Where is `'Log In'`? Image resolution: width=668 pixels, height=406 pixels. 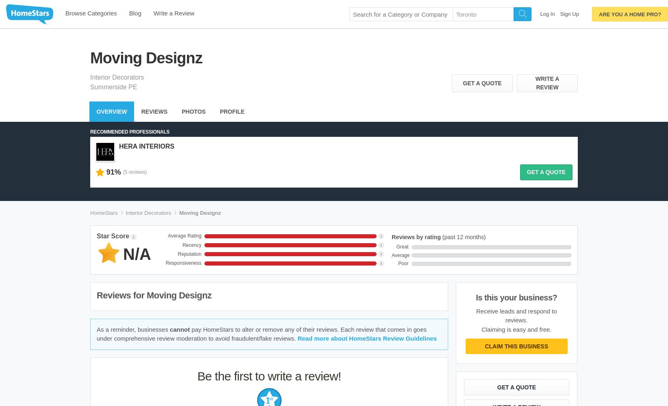
'Log In' is located at coordinates (540, 13).